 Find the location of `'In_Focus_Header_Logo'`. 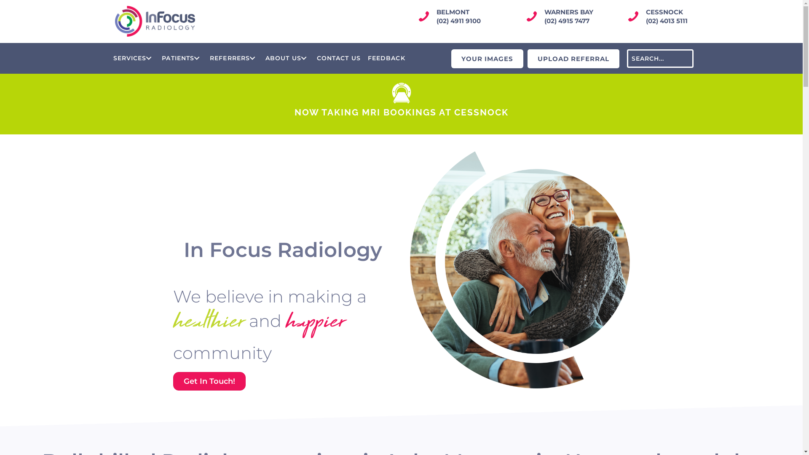

'In_Focus_Header_Logo' is located at coordinates (114, 21).